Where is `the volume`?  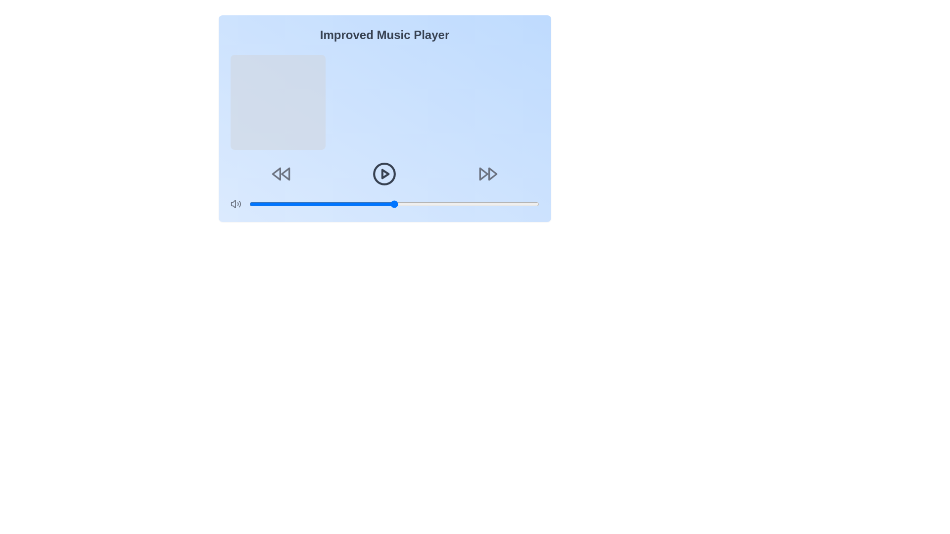
the volume is located at coordinates (281, 203).